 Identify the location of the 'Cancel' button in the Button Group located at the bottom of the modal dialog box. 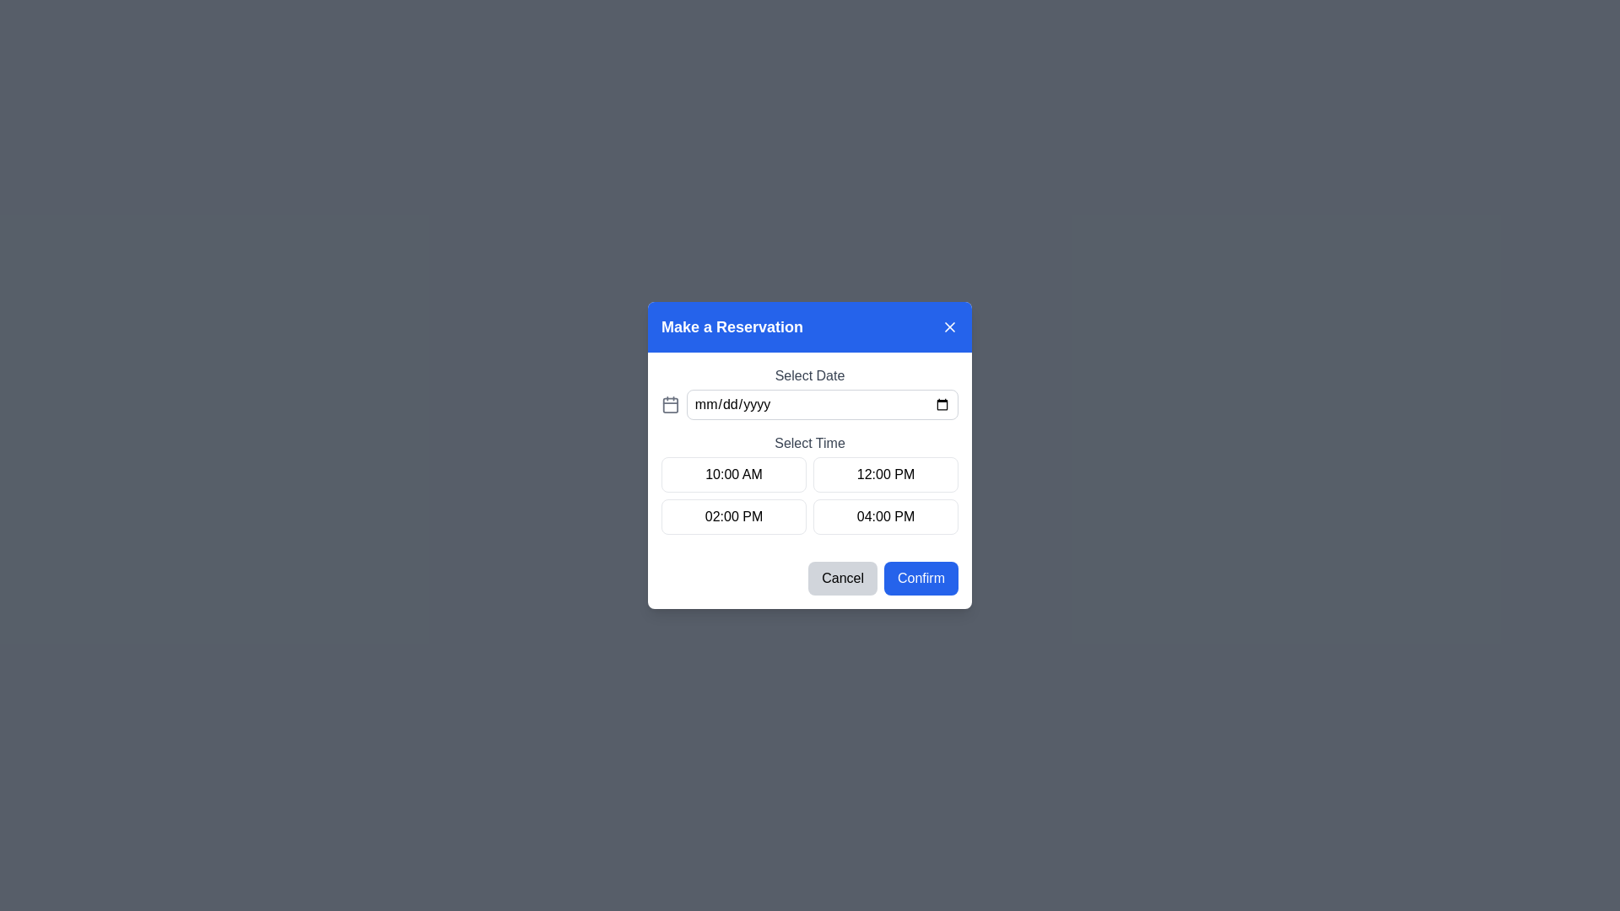
(810, 578).